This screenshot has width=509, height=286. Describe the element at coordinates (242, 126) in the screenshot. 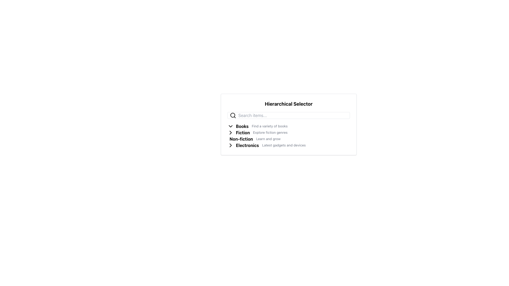

I see `the 'Books' text label in the hierarchical navigation menu` at that location.